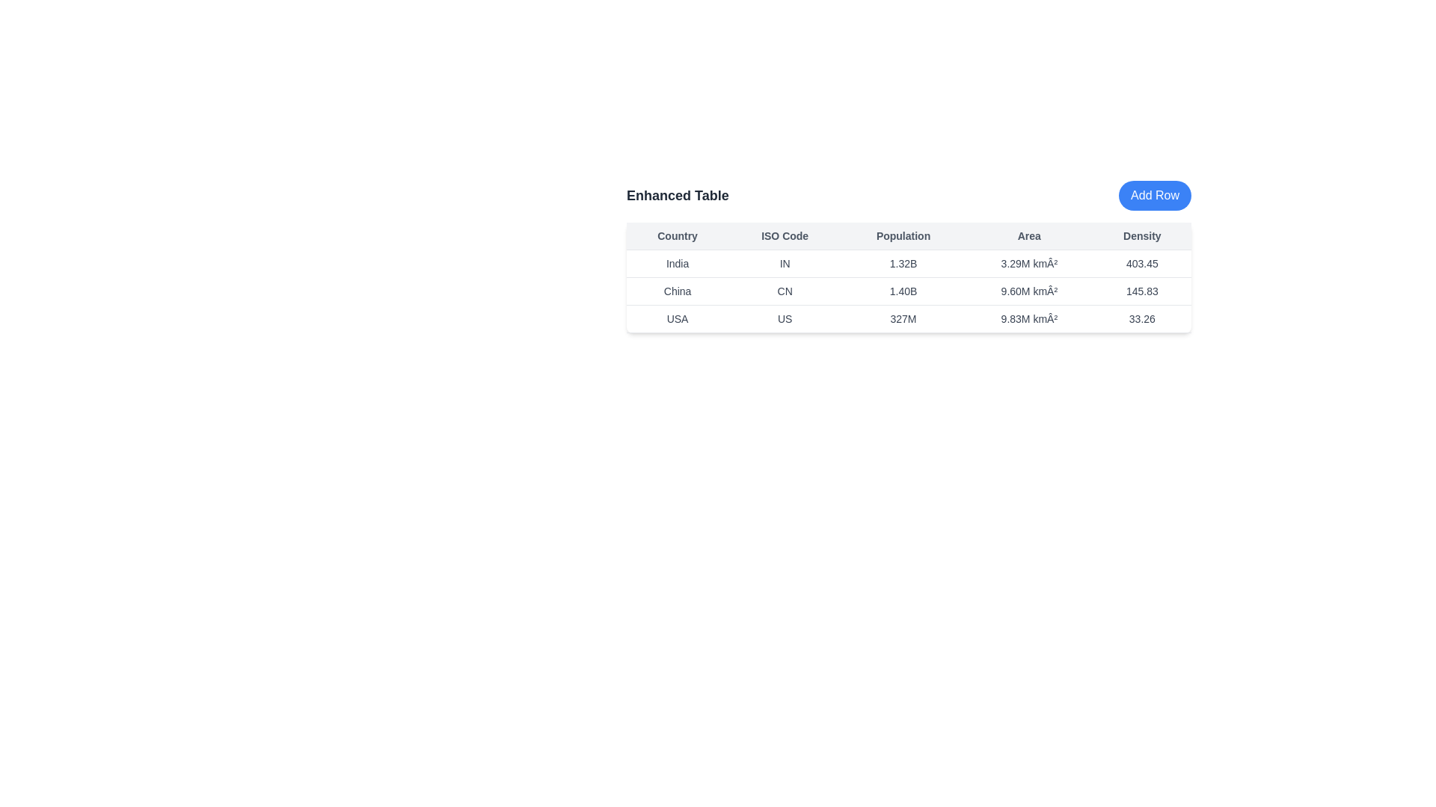 The image size is (1436, 807). I want to click on the second row of the table that displays statistical information about China, which includes headers such as 'Country', 'ISO Code', 'Population', 'Area', and 'Density', so click(908, 291).